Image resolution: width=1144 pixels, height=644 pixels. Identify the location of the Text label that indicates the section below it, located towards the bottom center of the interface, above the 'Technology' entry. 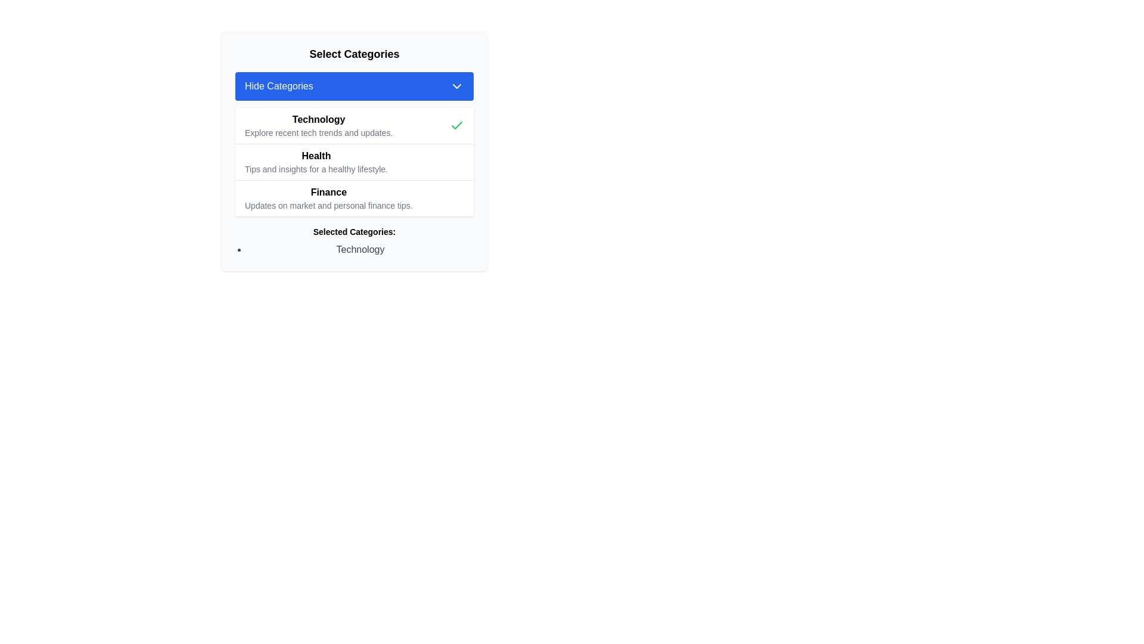
(354, 232).